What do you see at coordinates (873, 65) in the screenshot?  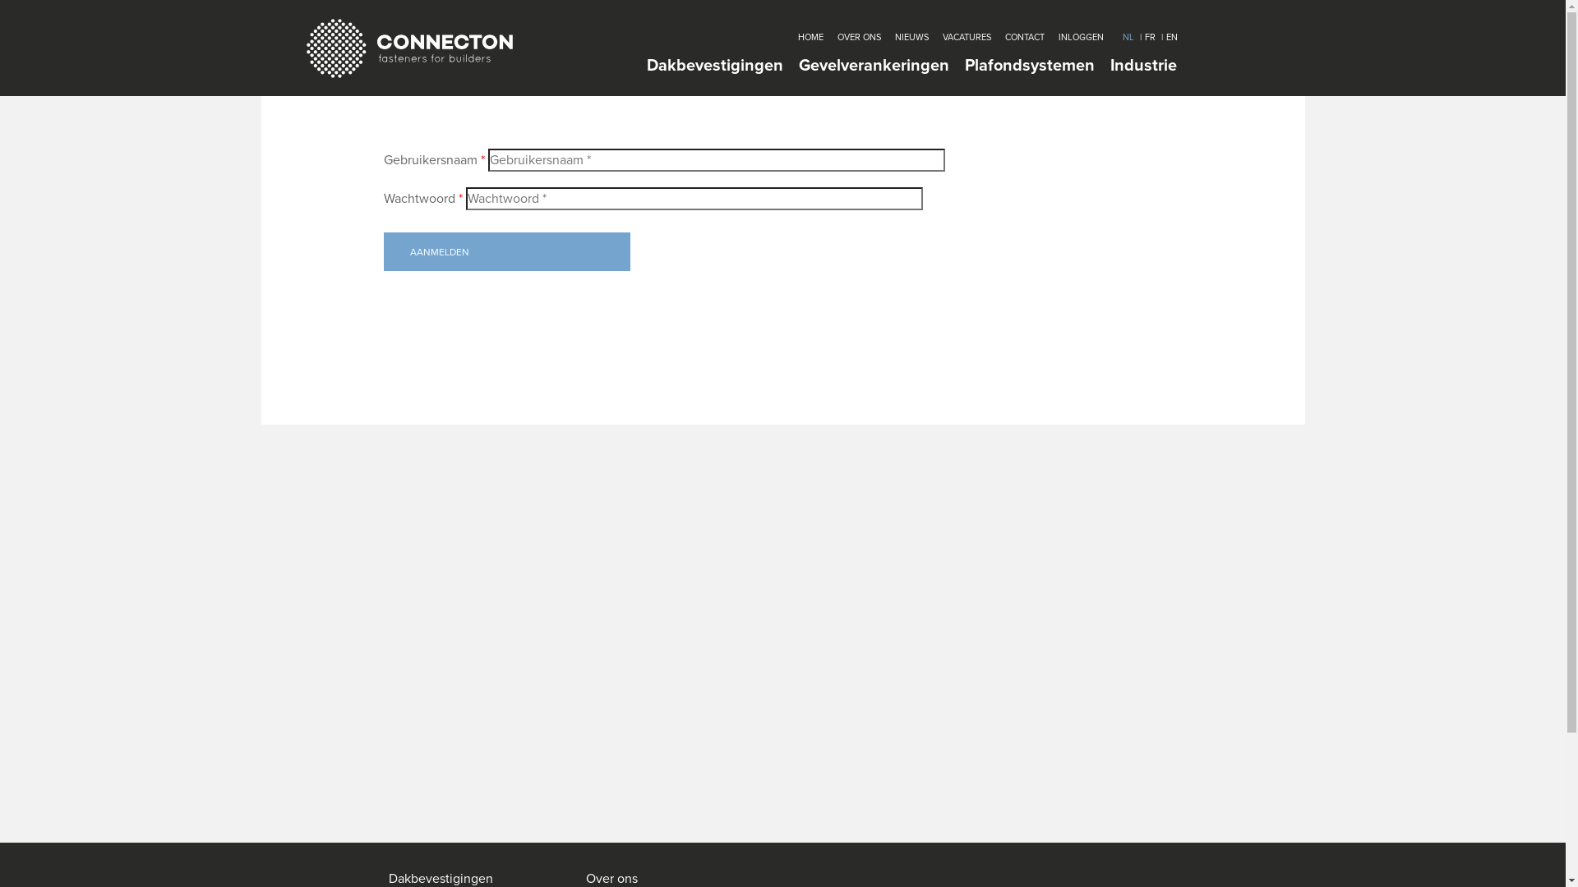 I see `'Gevelverankeringen'` at bounding box center [873, 65].